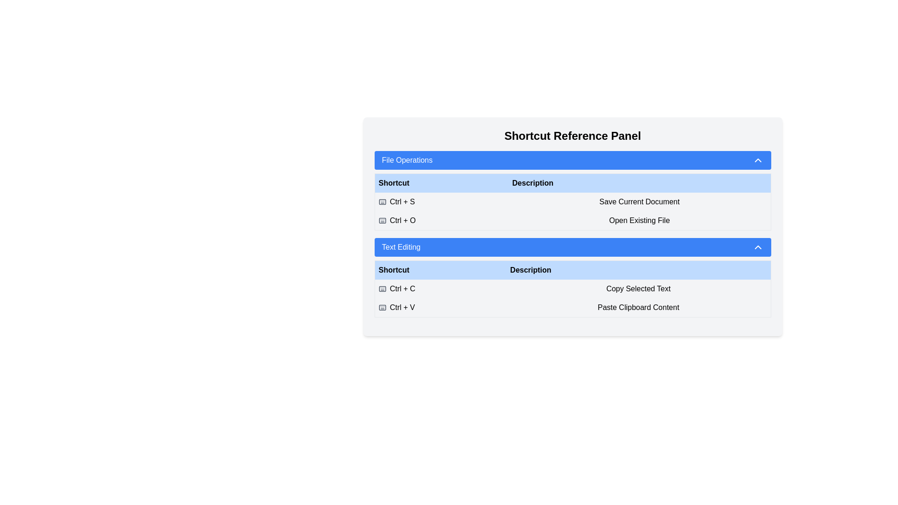  Describe the element at coordinates (572, 221) in the screenshot. I see `the second row in the 'File Operations' section of the table, which contains the keyboard shortcut 'Ctrl + O' and the description 'Open Existing File'` at that location.